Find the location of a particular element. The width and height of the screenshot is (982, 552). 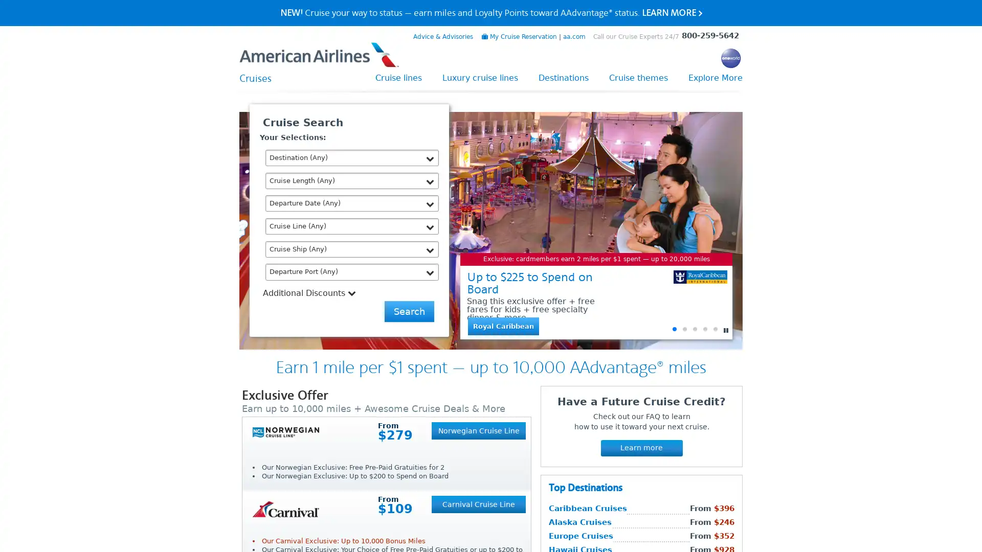

Additional Discounts is located at coordinates (352, 293).